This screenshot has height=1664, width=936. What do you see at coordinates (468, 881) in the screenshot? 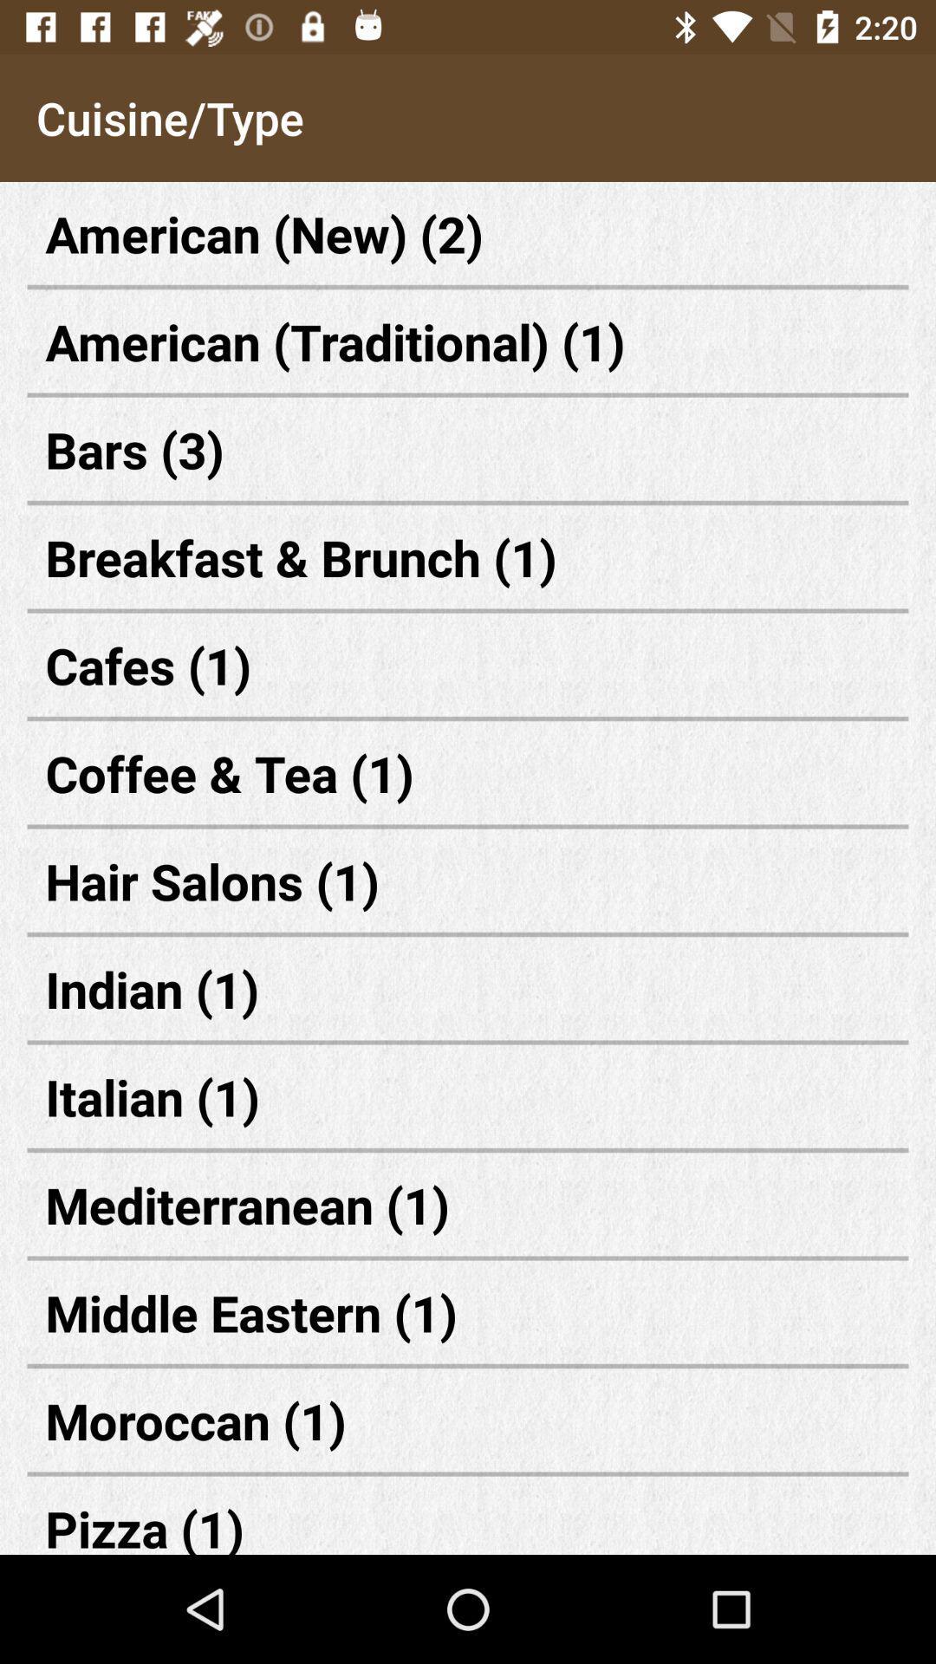
I see `the hair salons (1)` at bounding box center [468, 881].